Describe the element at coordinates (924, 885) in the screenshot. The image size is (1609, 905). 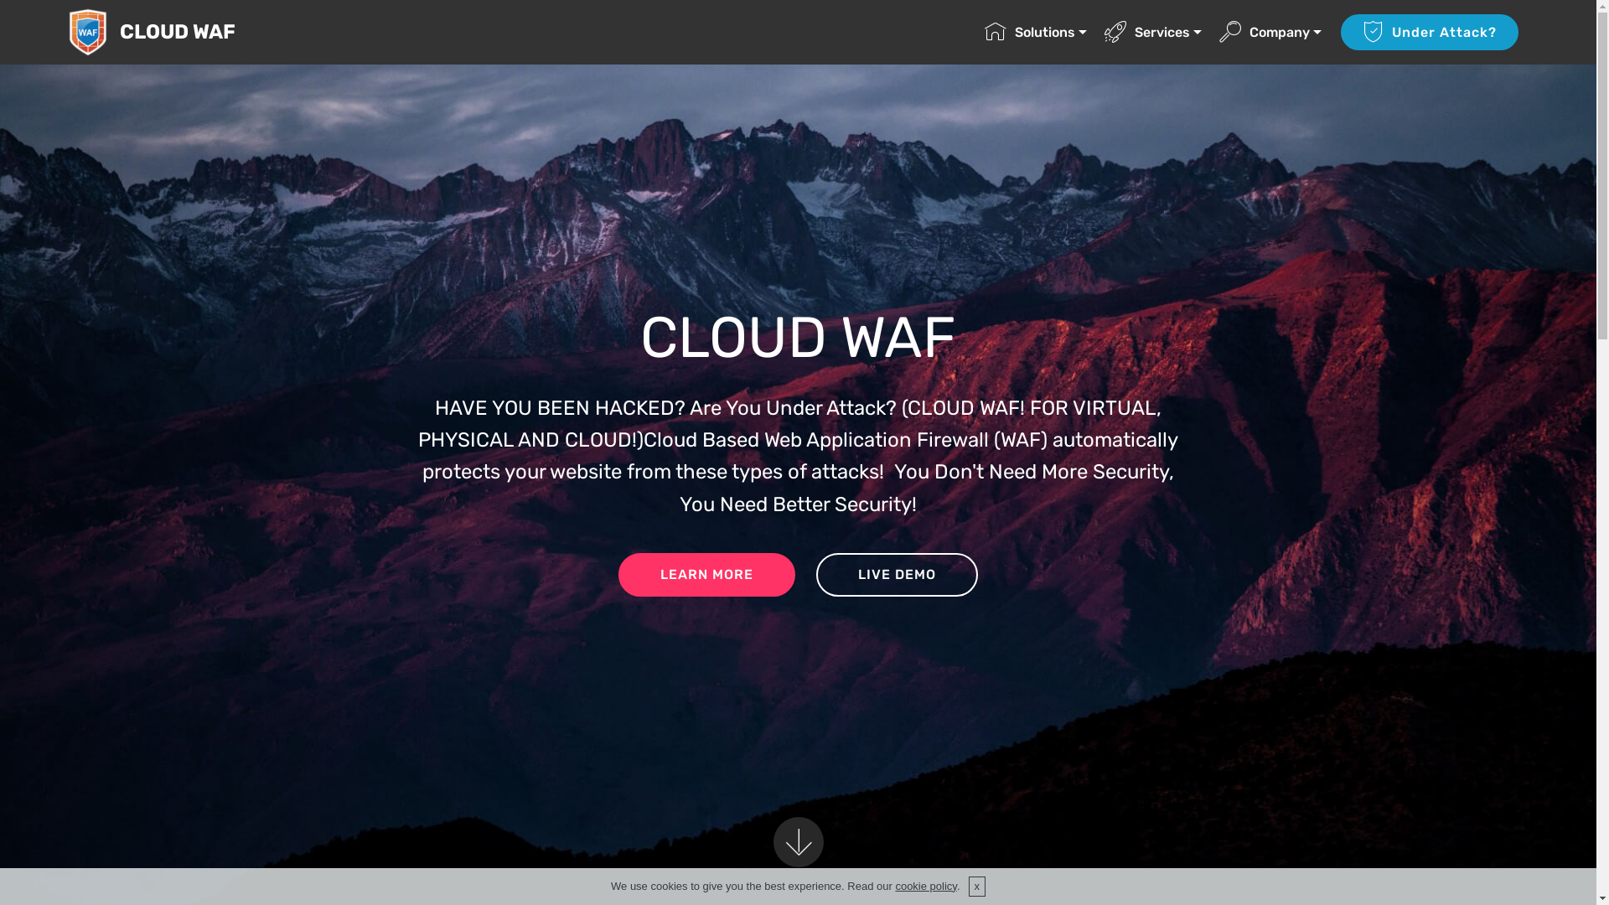
I see `'cookie policy'` at that location.